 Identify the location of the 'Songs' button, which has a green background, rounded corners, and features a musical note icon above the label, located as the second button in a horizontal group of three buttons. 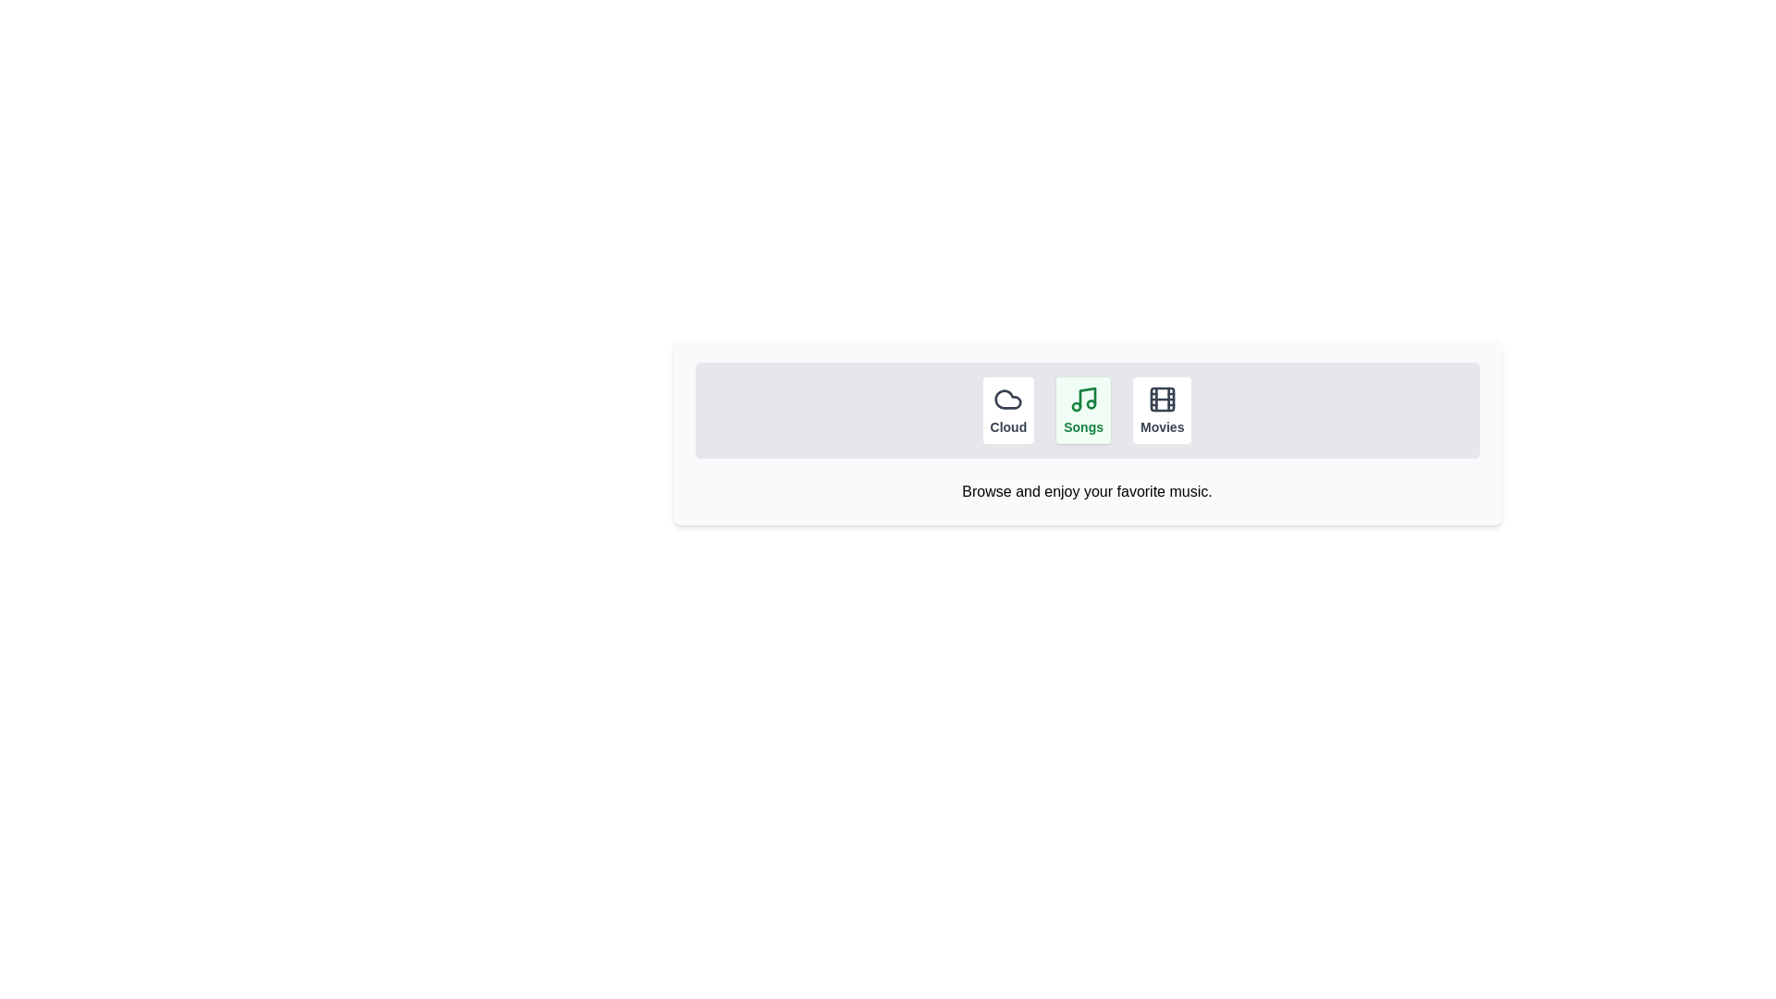
(1087, 409).